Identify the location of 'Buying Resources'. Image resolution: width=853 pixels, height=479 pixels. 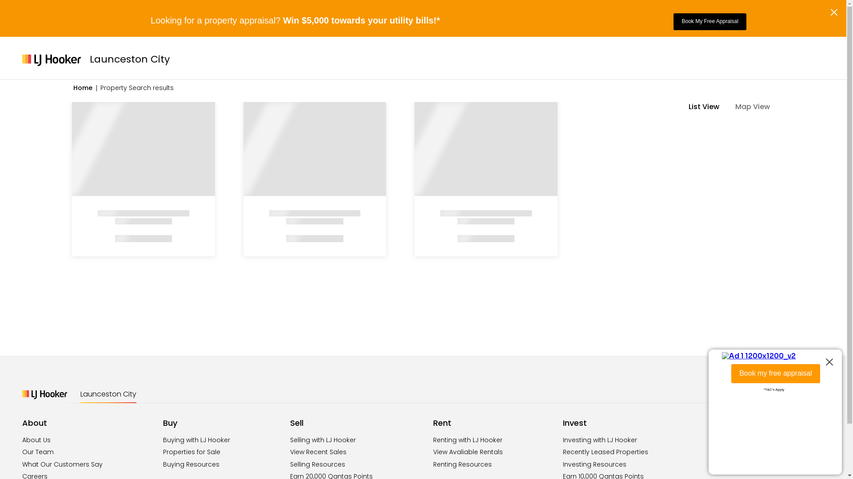
(191, 463).